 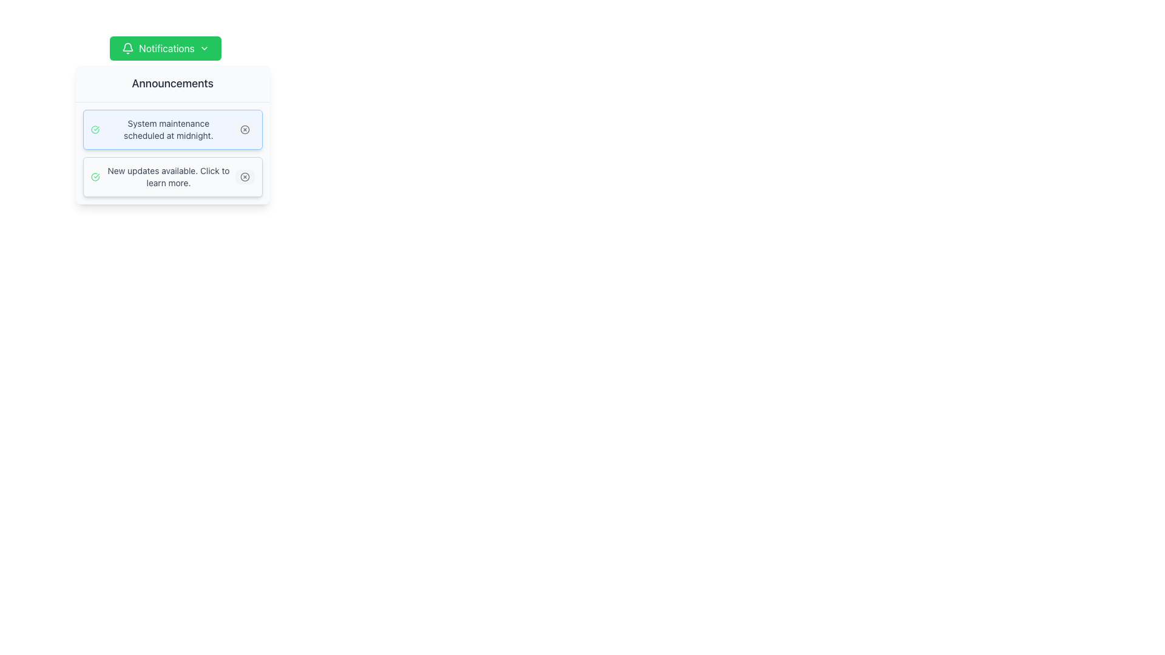 I want to click on the central circle of the dismiss icon in the second row of the 'Announcements' panel, so click(x=244, y=177).